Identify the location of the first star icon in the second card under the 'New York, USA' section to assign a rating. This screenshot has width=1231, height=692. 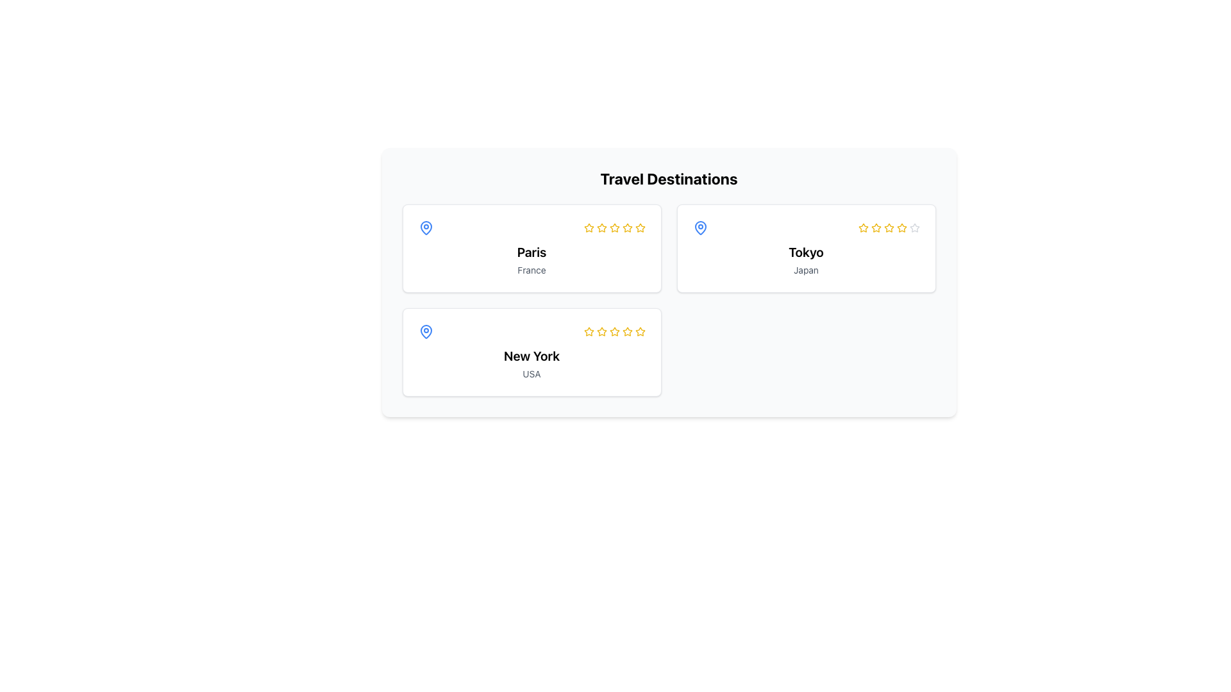
(588, 331).